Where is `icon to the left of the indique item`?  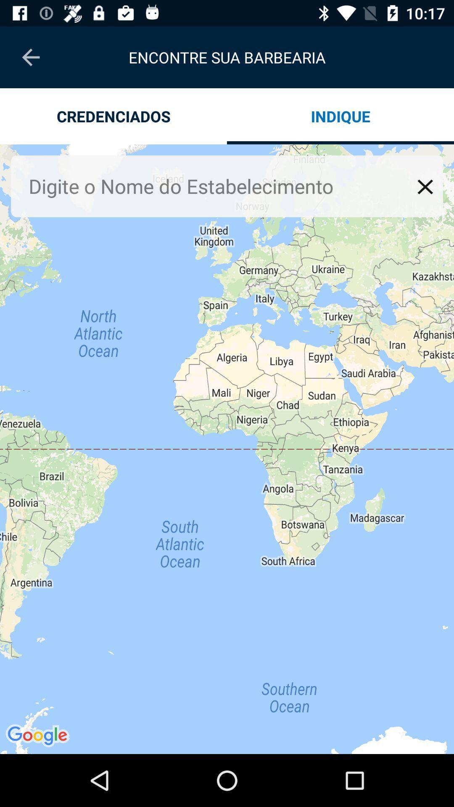
icon to the left of the indique item is located at coordinates (113, 116).